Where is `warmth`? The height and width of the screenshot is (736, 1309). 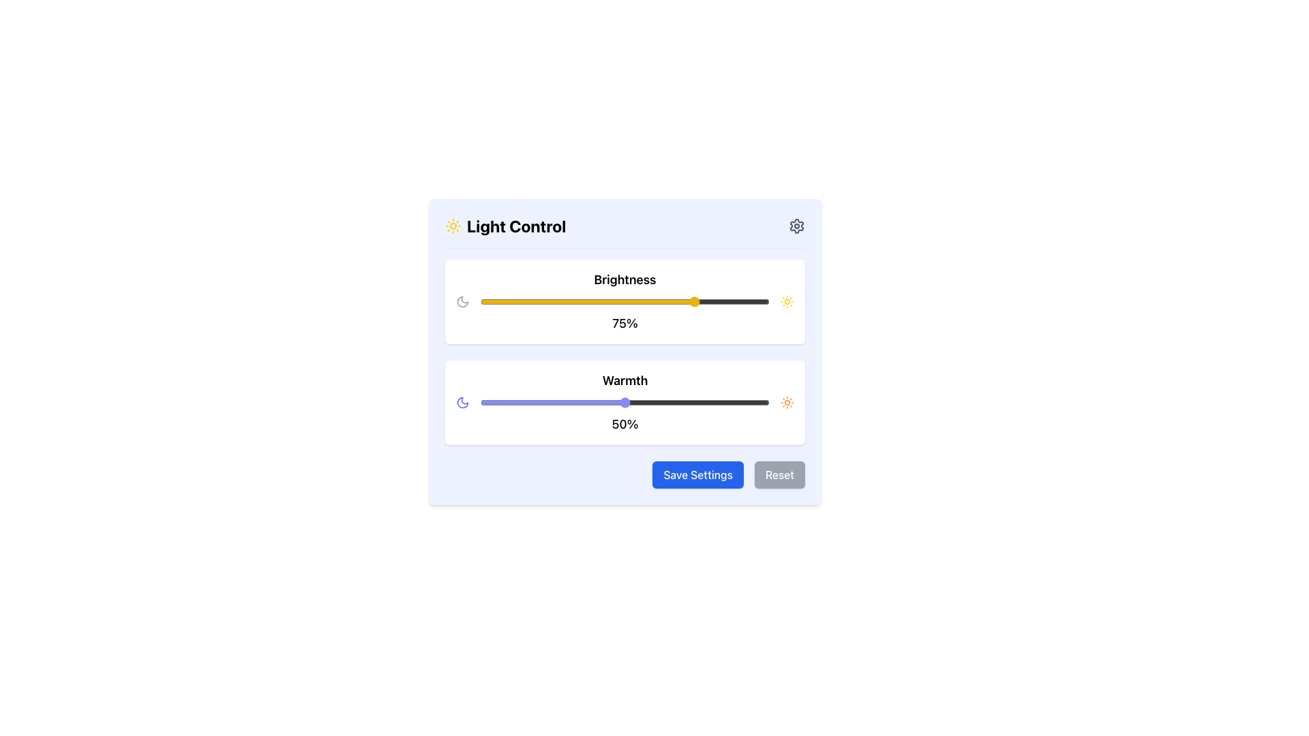
warmth is located at coordinates (579, 401).